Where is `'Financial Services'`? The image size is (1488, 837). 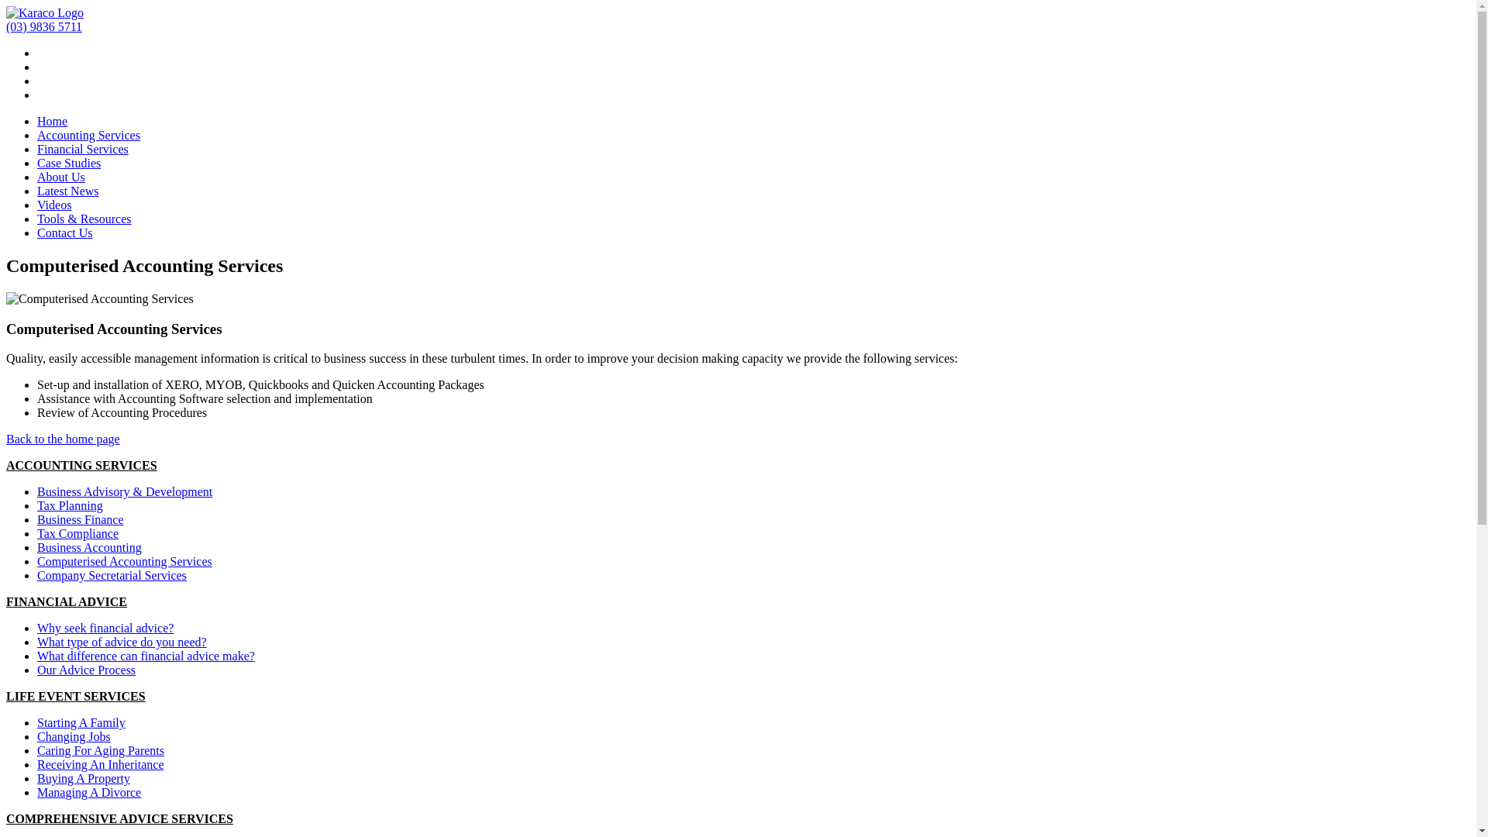 'Financial Services' is located at coordinates (81, 149).